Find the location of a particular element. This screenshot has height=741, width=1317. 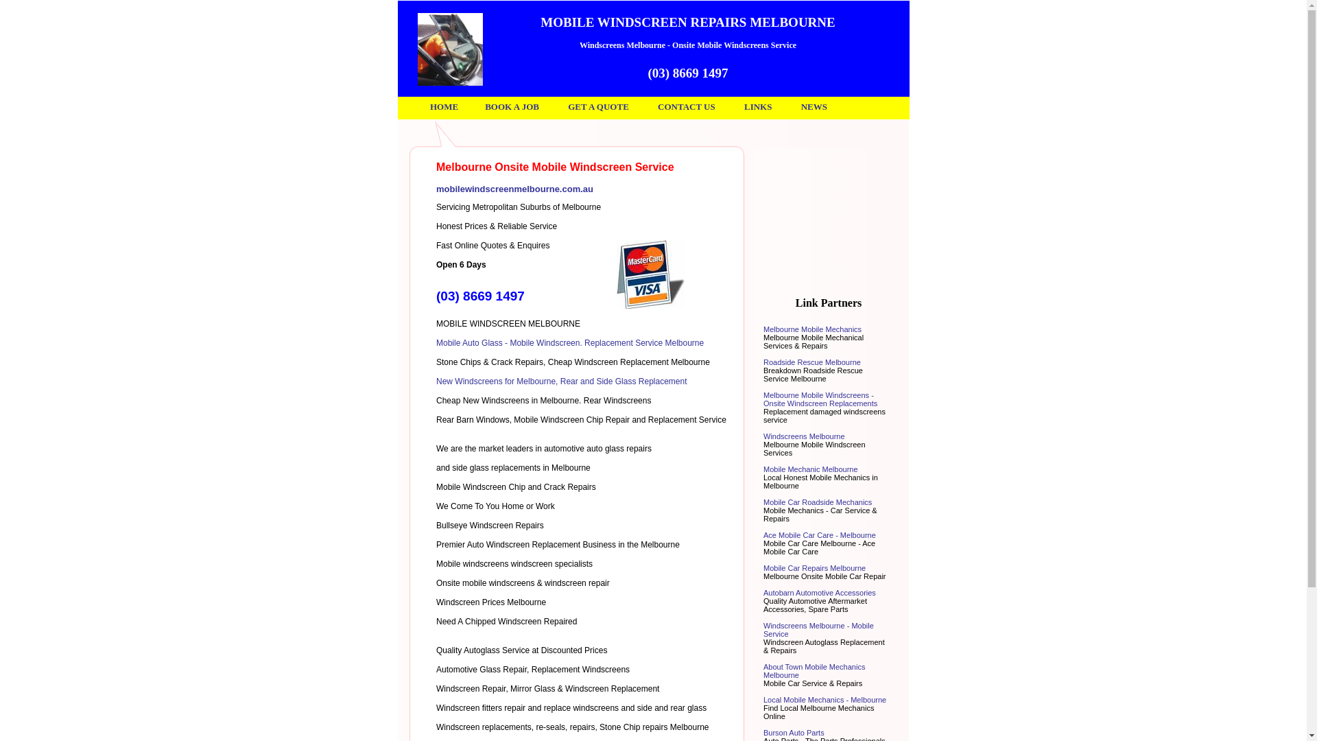

'HOME' is located at coordinates (444, 106).